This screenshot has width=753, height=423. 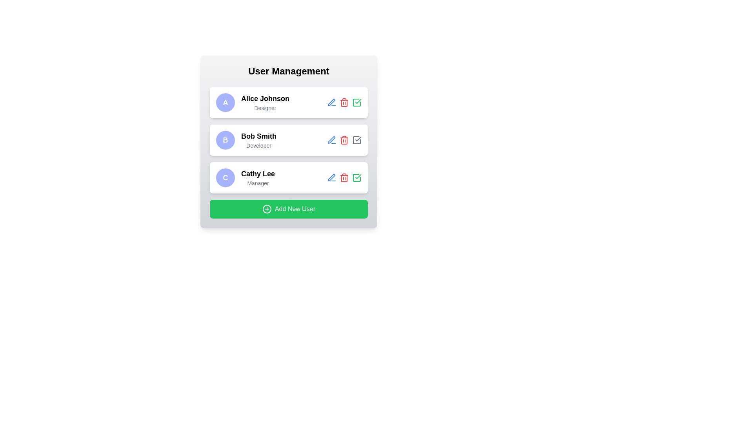 What do you see at coordinates (358, 101) in the screenshot?
I see `the checkmark icon indicating confirmation for 'Cathy Lee, Manager', located in the rightmost column of action icons` at bounding box center [358, 101].